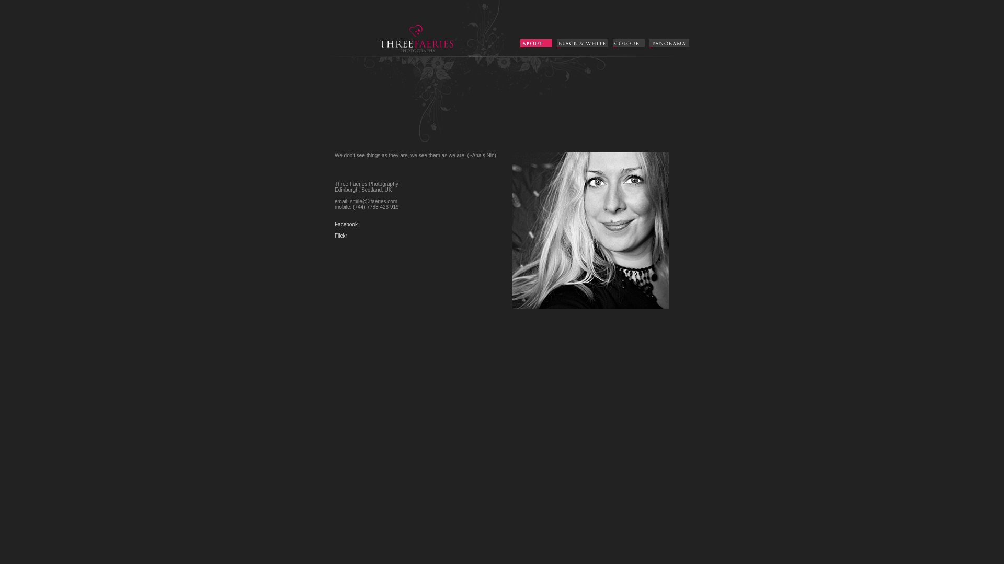  I want to click on 'Flickr', so click(341, 236).